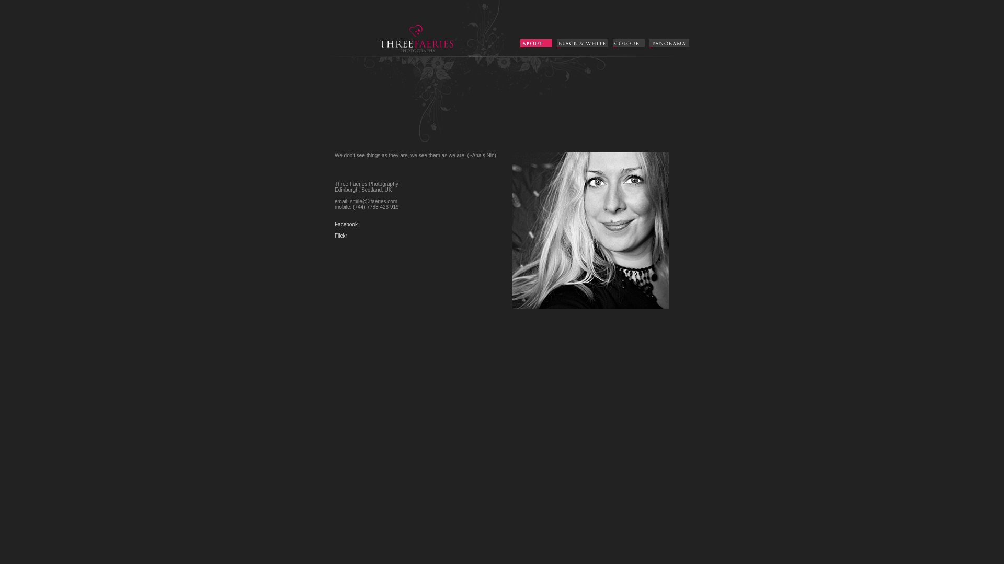  I want to click on 'Flickr', so click(341, 236).